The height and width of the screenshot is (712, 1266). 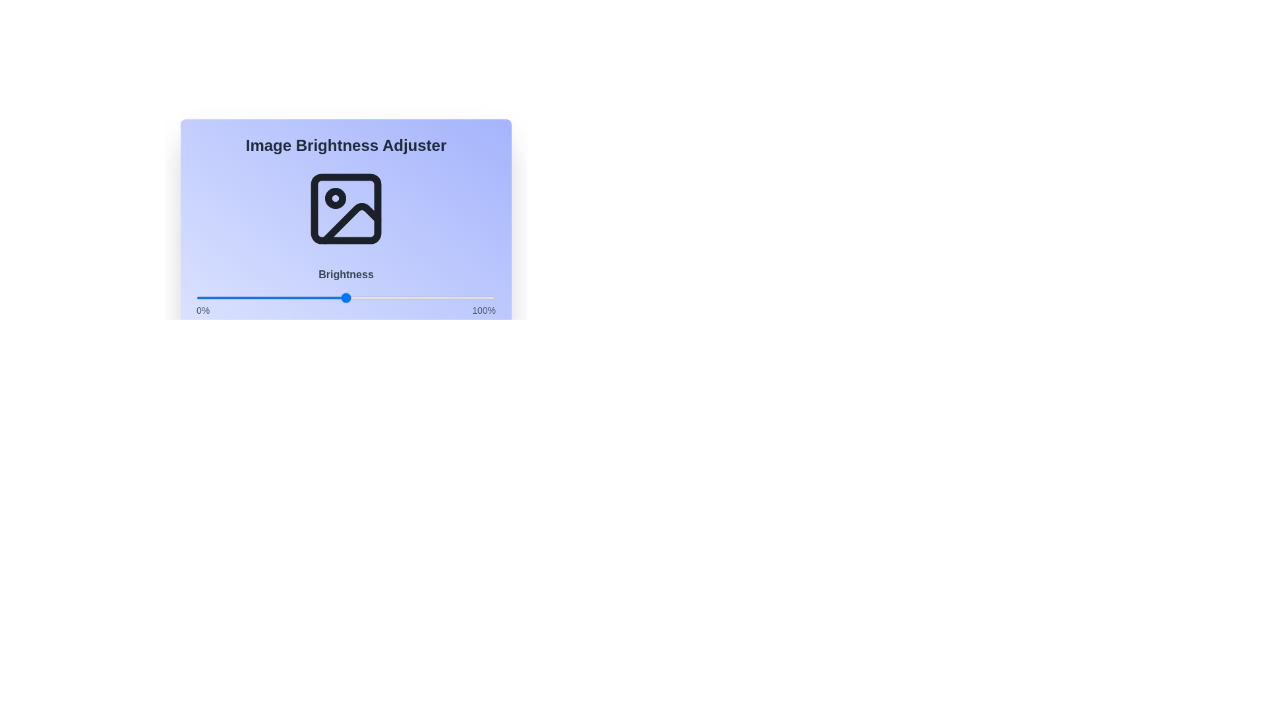 What do you see at coordinates (433, 297) in the screenshot?
I see `the brightness slider to 79%` at bounding box center [433, 297].